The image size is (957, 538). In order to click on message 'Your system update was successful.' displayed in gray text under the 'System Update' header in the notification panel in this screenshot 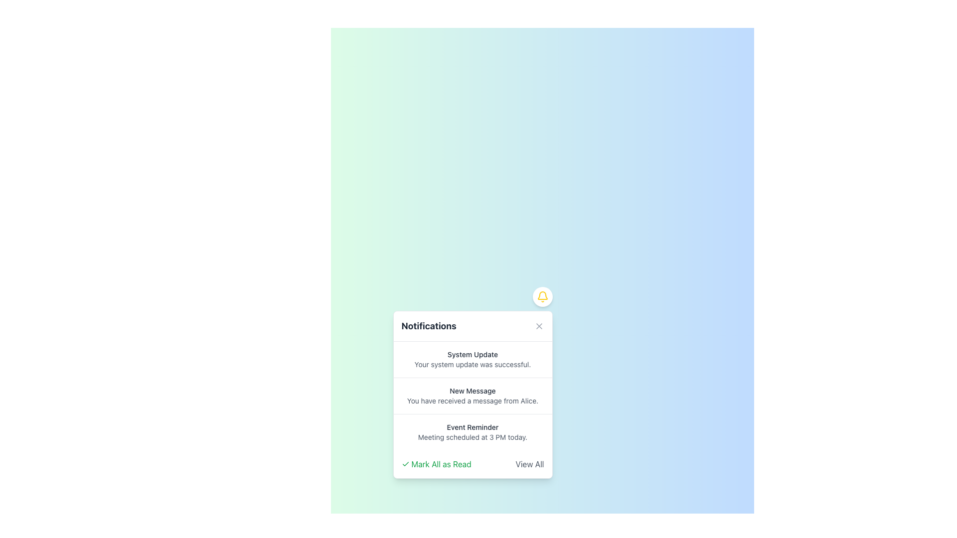, I will do `click(472, 365)`.